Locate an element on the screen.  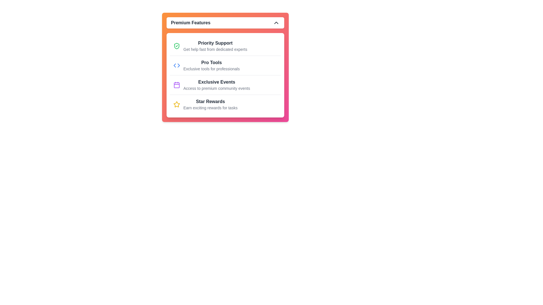
the second feature listed under the 'Premium Features' section is located at coordinates (225, 75).